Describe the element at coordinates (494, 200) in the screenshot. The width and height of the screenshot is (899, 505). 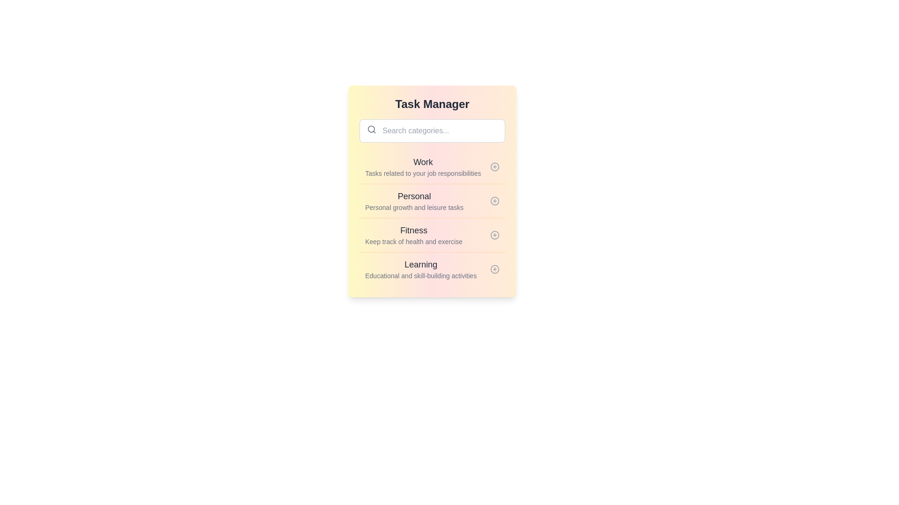
I see `the button located at the far right of the 'Personal' row, aligned with 'Personal growth and leisure tasks'` at that location.